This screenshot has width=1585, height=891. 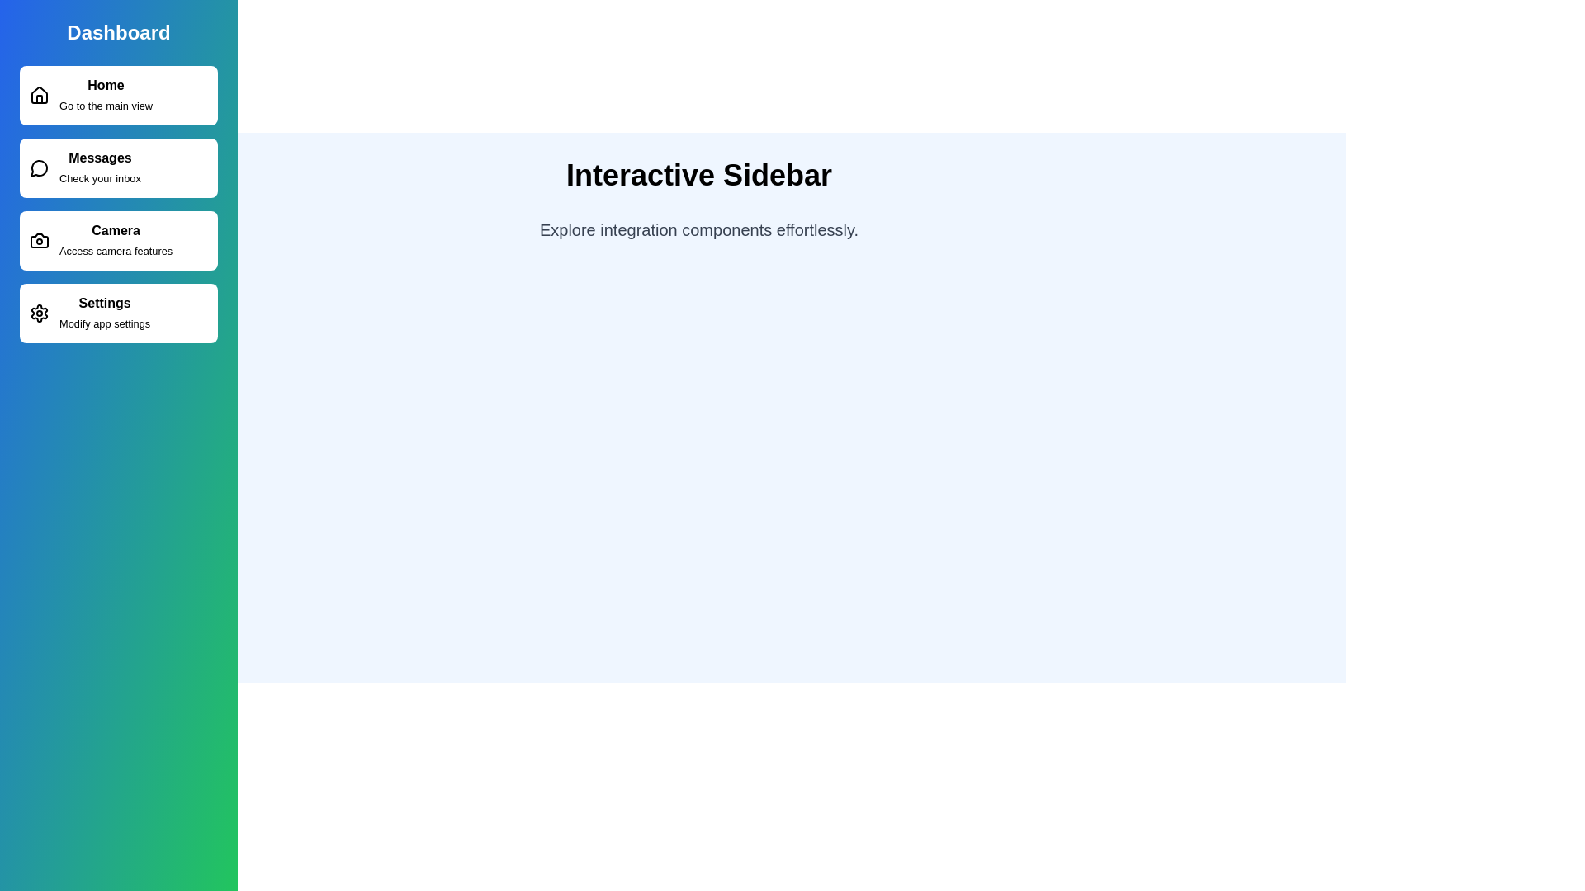 I want to click on the sidebar item corresponding to Home, so click(x=118, y=95).